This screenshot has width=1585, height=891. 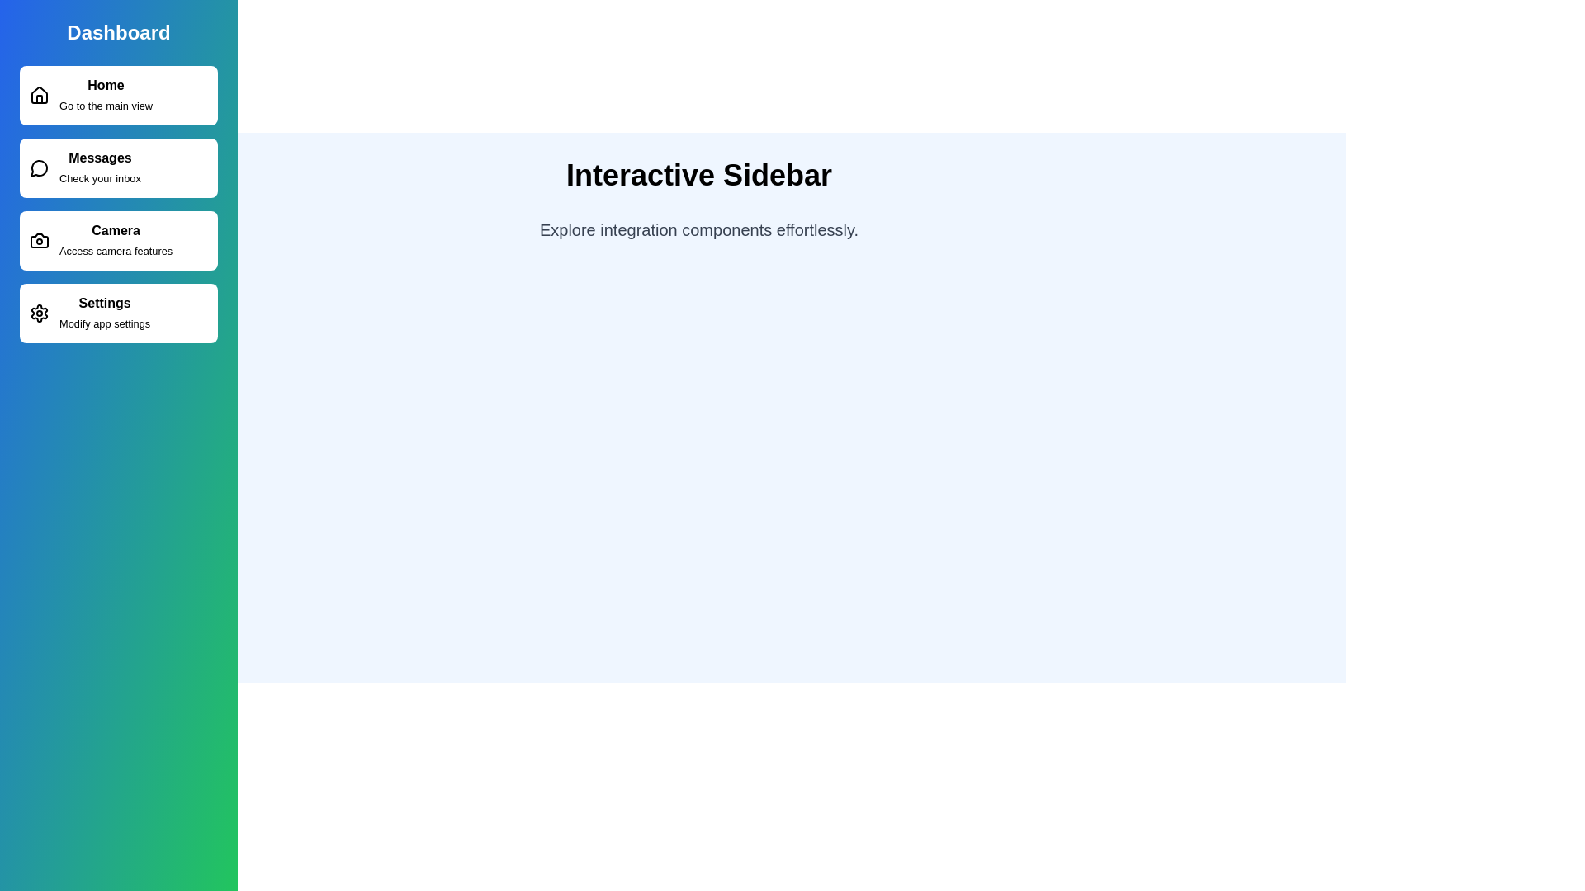 I want to click on the sidebar item corresponding to Home, so click(x=118, y=95).